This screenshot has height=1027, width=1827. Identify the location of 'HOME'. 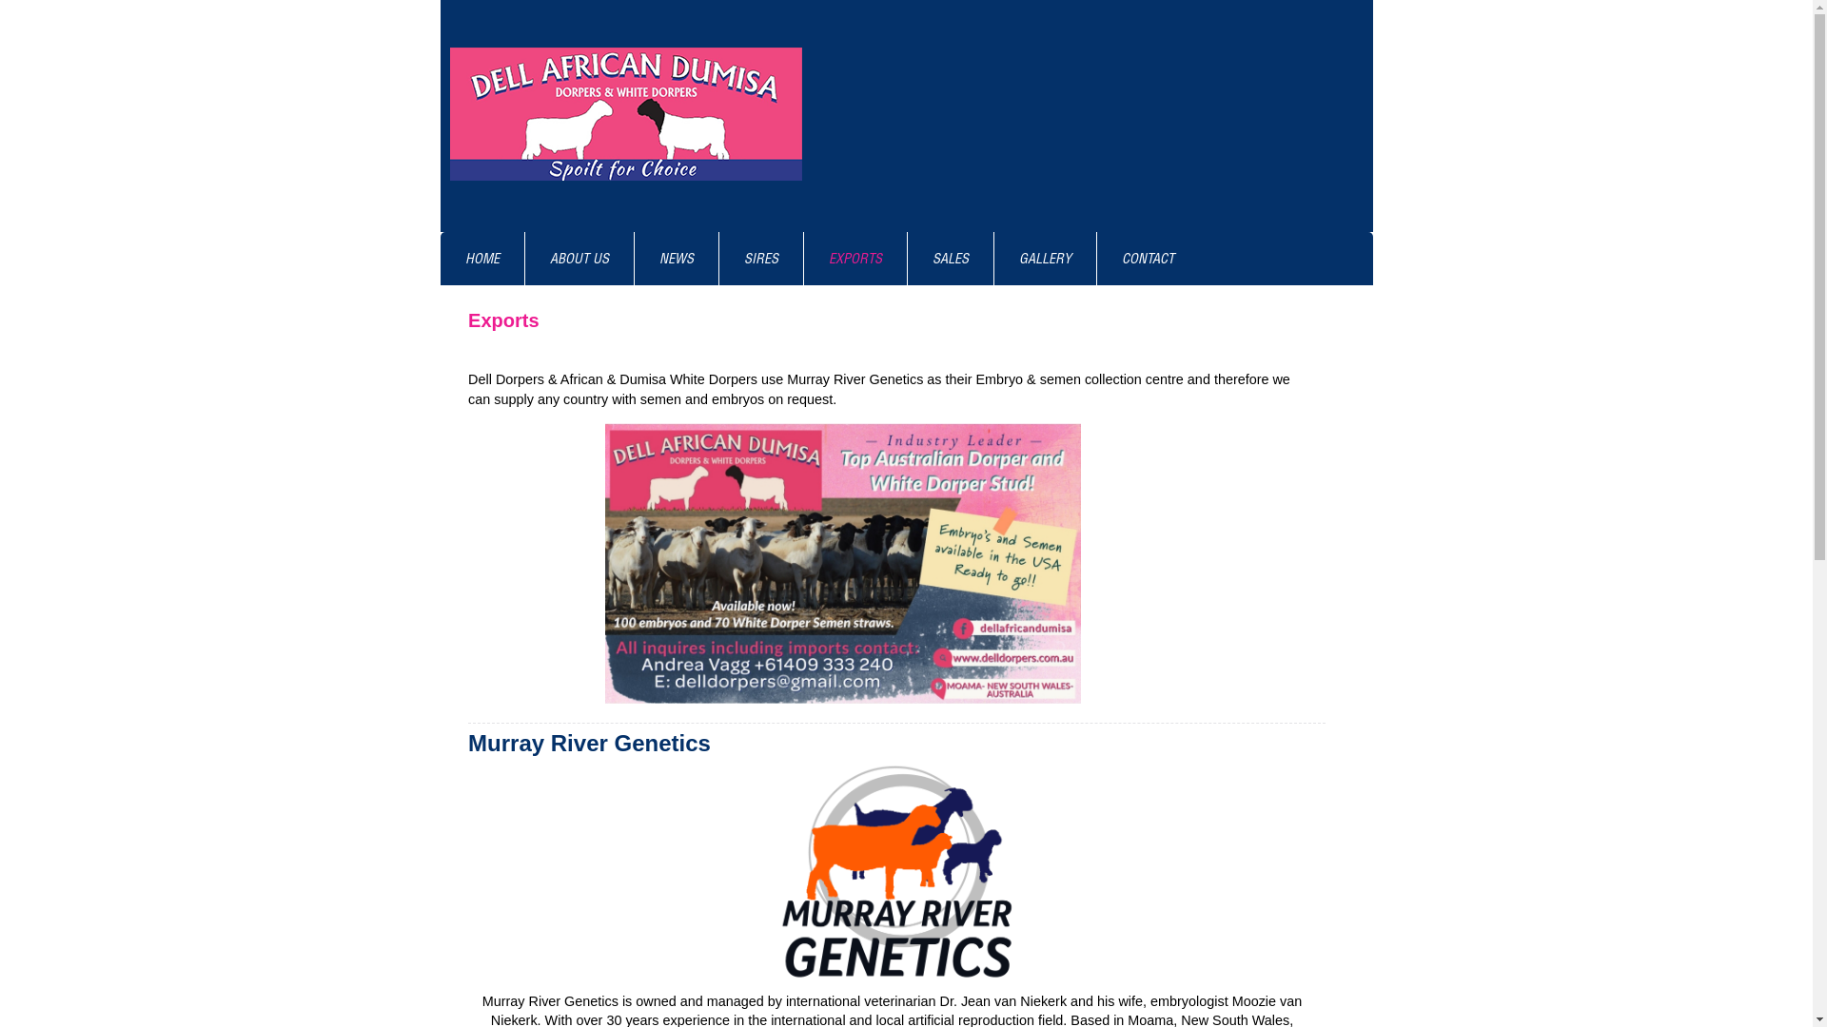
(481, 259).